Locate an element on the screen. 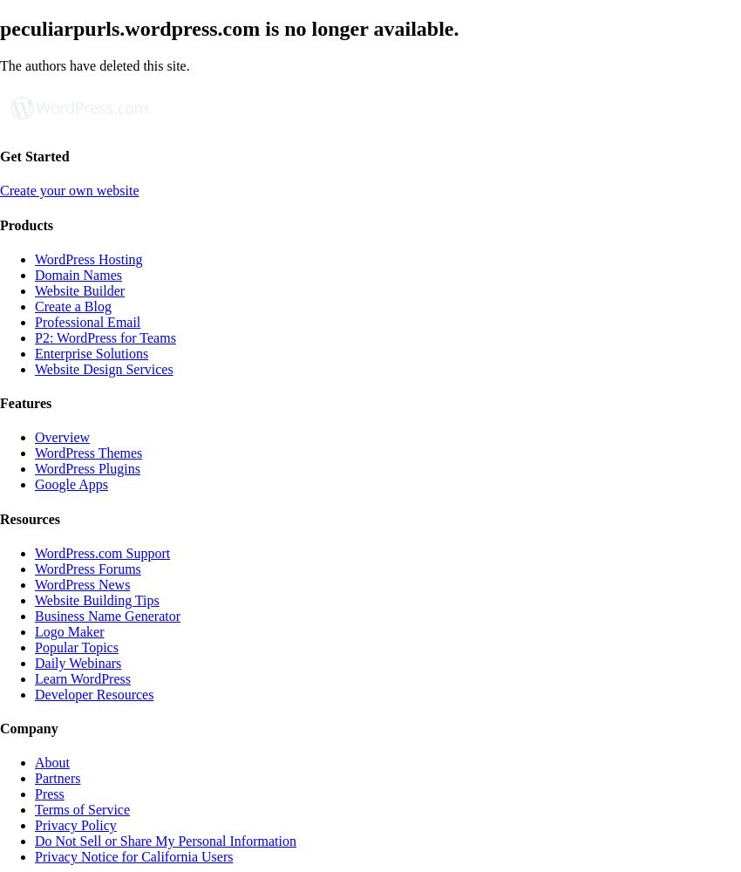 Image resolution: width=741 pixels, height=872 pixels. 'Press' is located at coordinates (49, 794).